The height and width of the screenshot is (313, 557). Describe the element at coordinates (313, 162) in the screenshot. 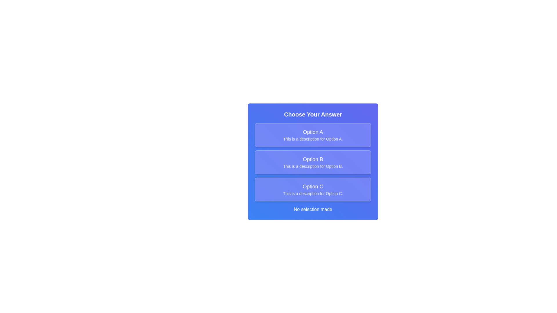

I see `the second item in the vertical list of selectable options` at that location.